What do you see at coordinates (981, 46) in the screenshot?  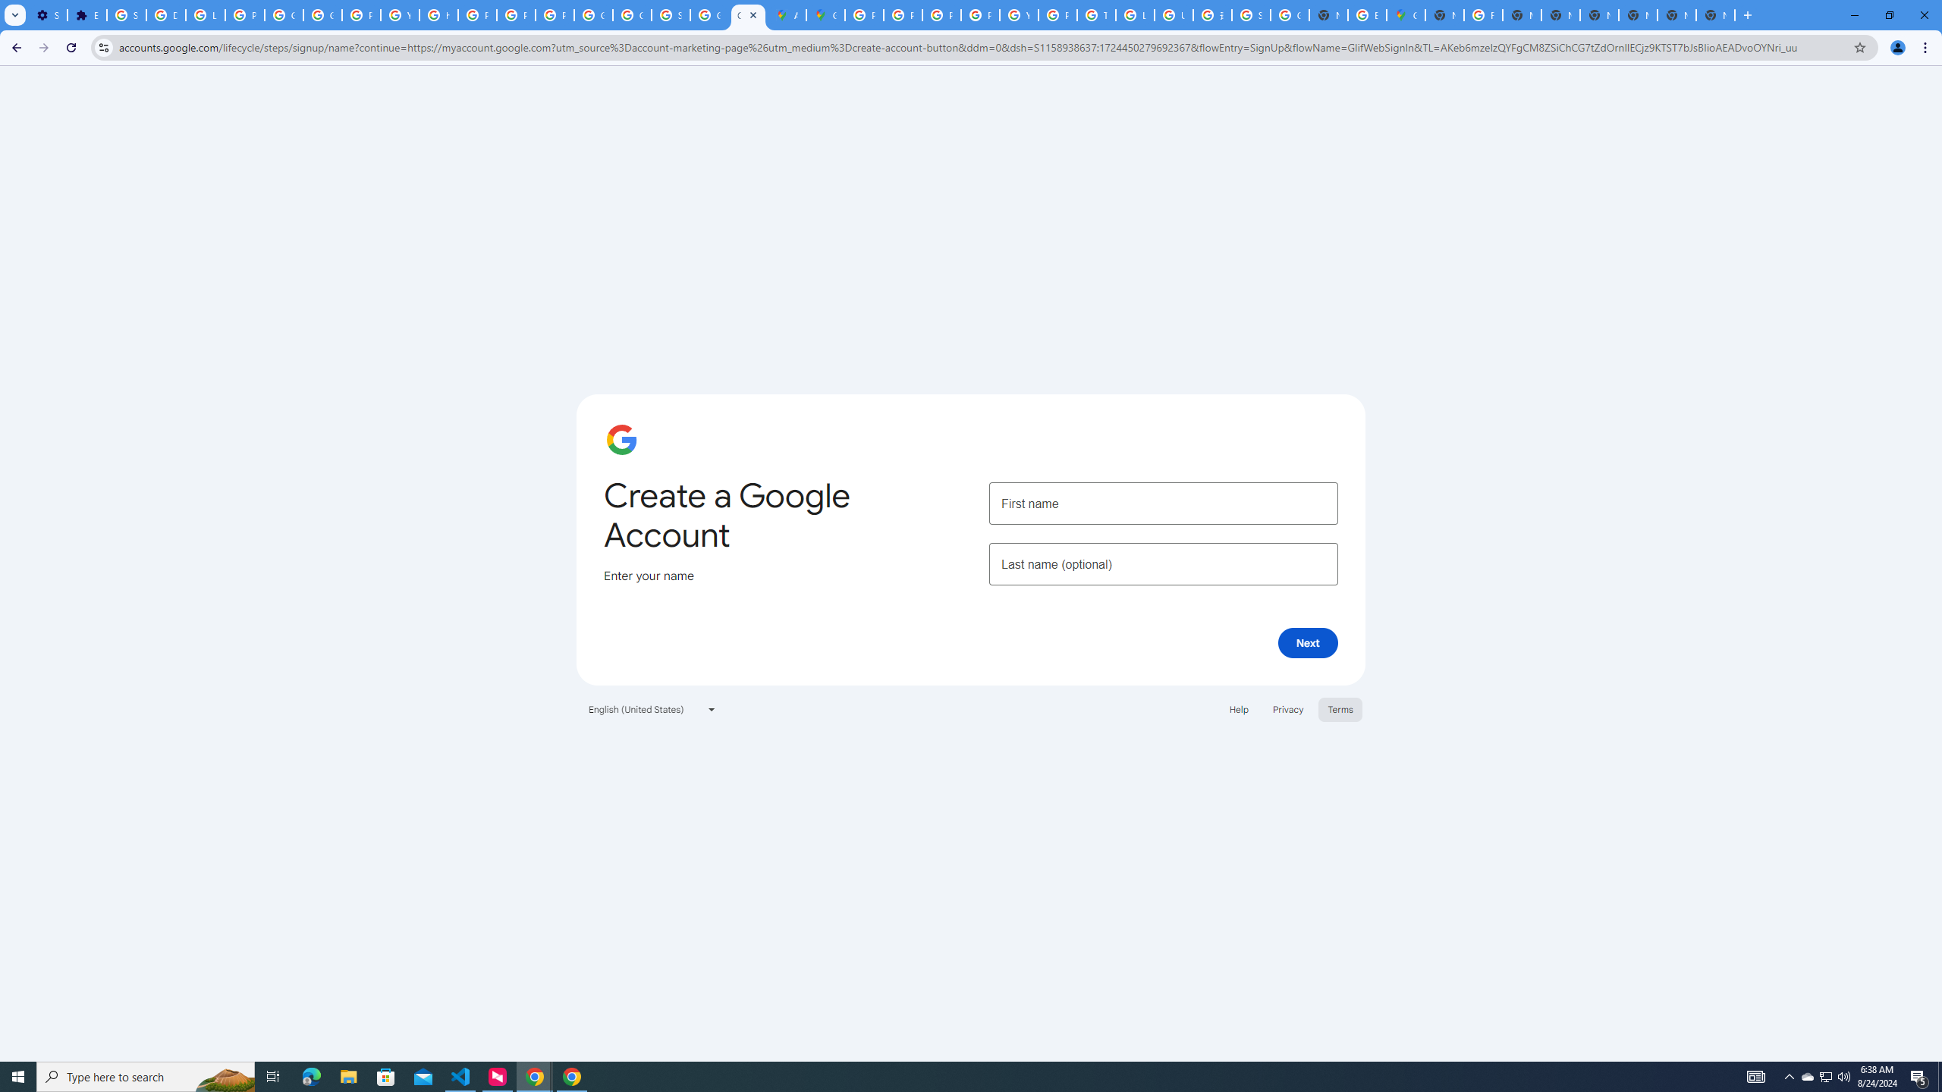 I see `'Address and search bar'` at bounding box center [981, 46].